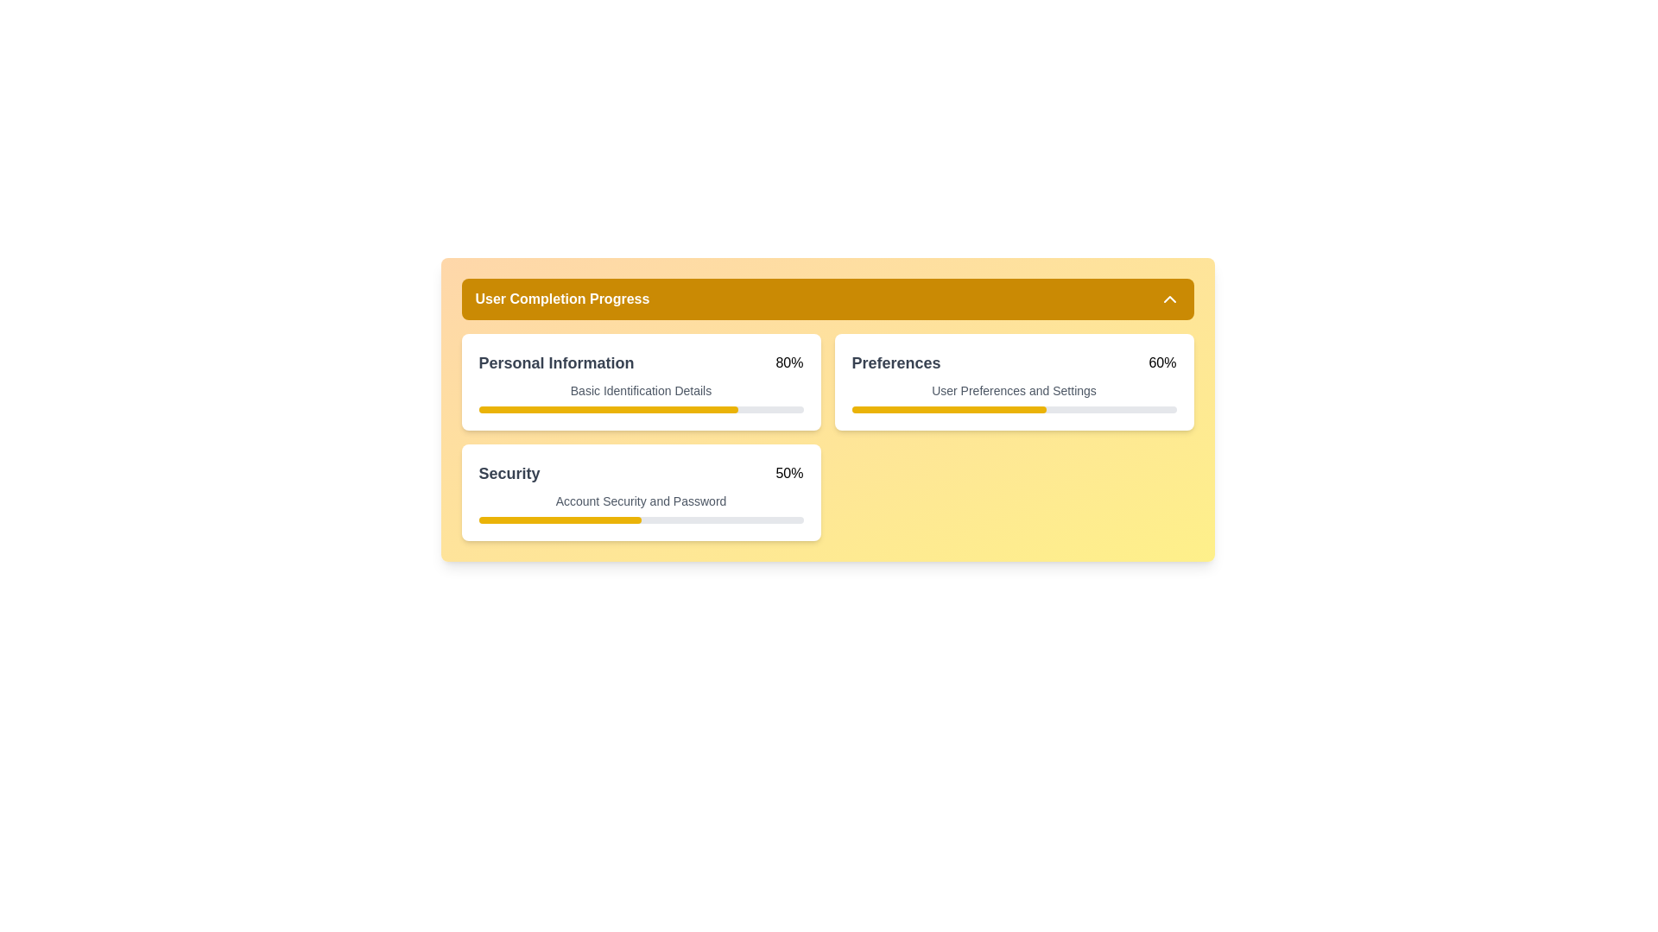 The width and height of the screenshot is (1658, 932). What do you see at coordinates (556, 362) in the screenshot?
I see `the 'Personal Information' heading text element located in the top-left card of the grid layout, which categorizes personal details` at bounding box center [556, 362].